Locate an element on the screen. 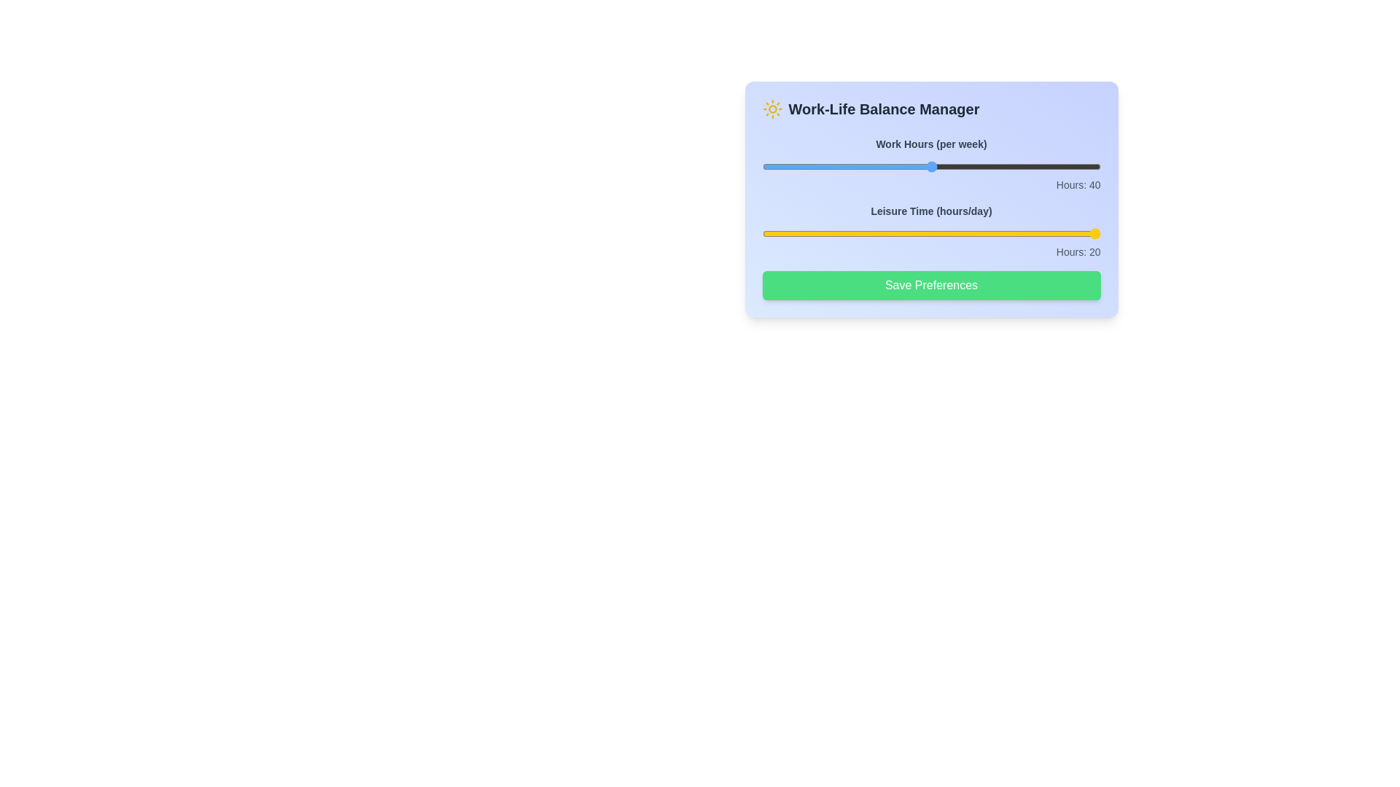 The width and height of the screenshot is (1400, 787). the 'Work Hours' slider to set it to 26 hours per week is located at coordinates (812, 165).